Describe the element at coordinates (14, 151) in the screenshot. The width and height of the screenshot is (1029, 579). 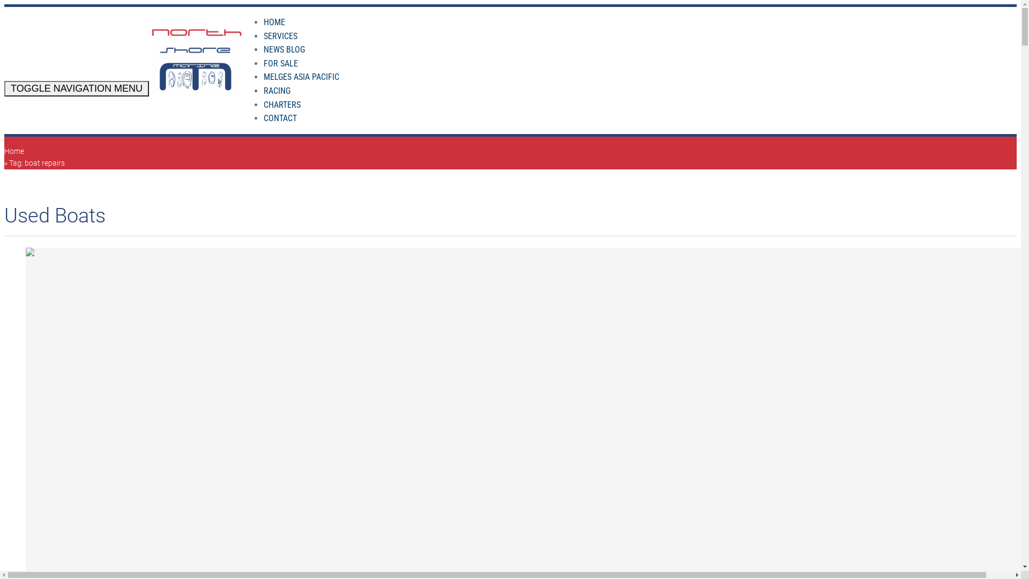
I see `'Home'` at that location.